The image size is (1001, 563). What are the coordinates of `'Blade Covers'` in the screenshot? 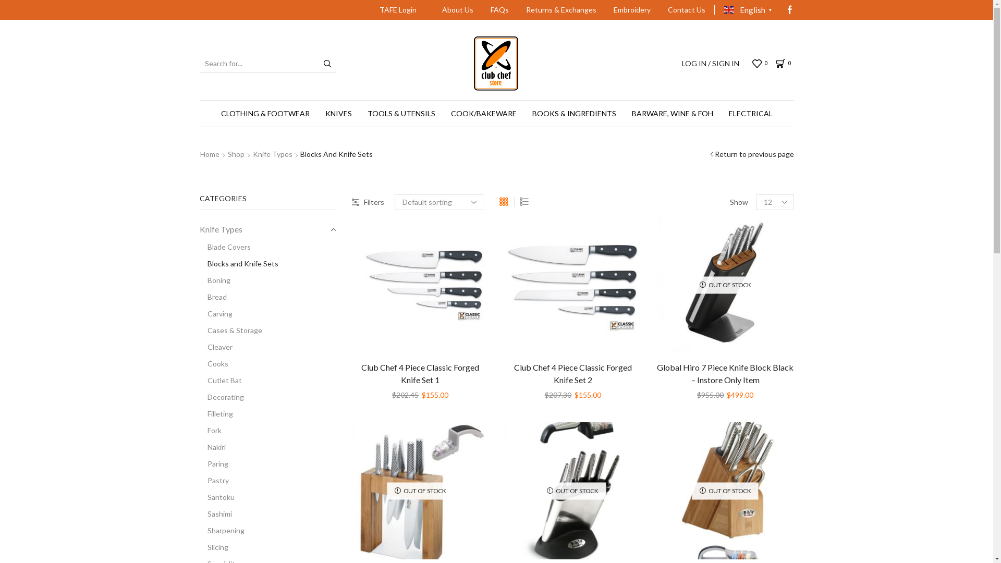 It's located at (224, 247).